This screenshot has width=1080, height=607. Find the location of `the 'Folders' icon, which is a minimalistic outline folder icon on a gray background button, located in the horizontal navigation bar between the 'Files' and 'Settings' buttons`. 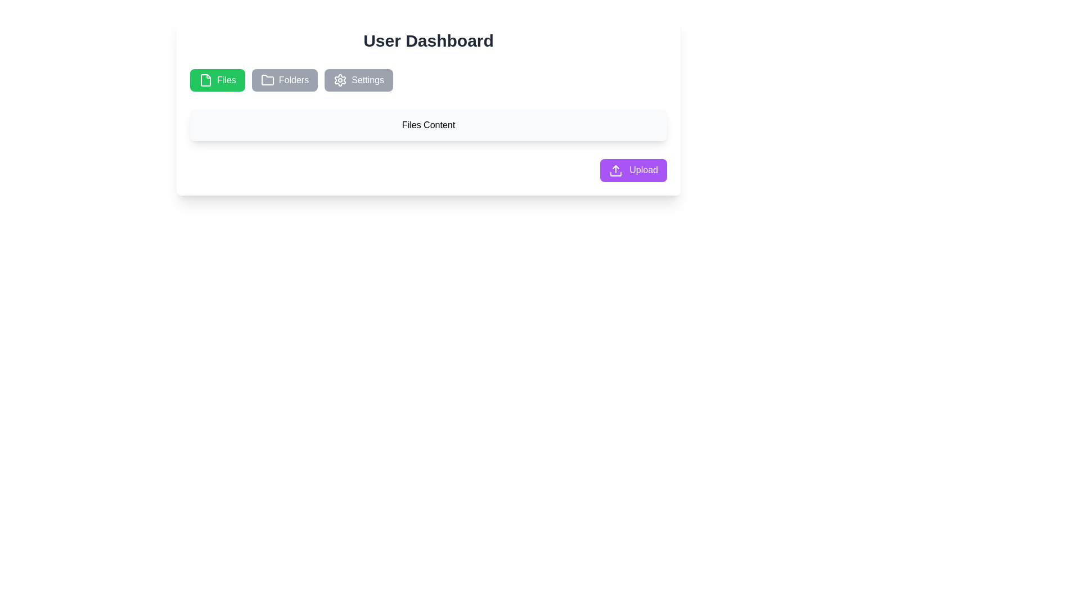

the 'Folders' icon, which is a minimalistic outline folder icon on a gray background button, located in the horizontal navigation bar between the 'Files' and 'Settings' buttons is located at coordinates (267, 79).